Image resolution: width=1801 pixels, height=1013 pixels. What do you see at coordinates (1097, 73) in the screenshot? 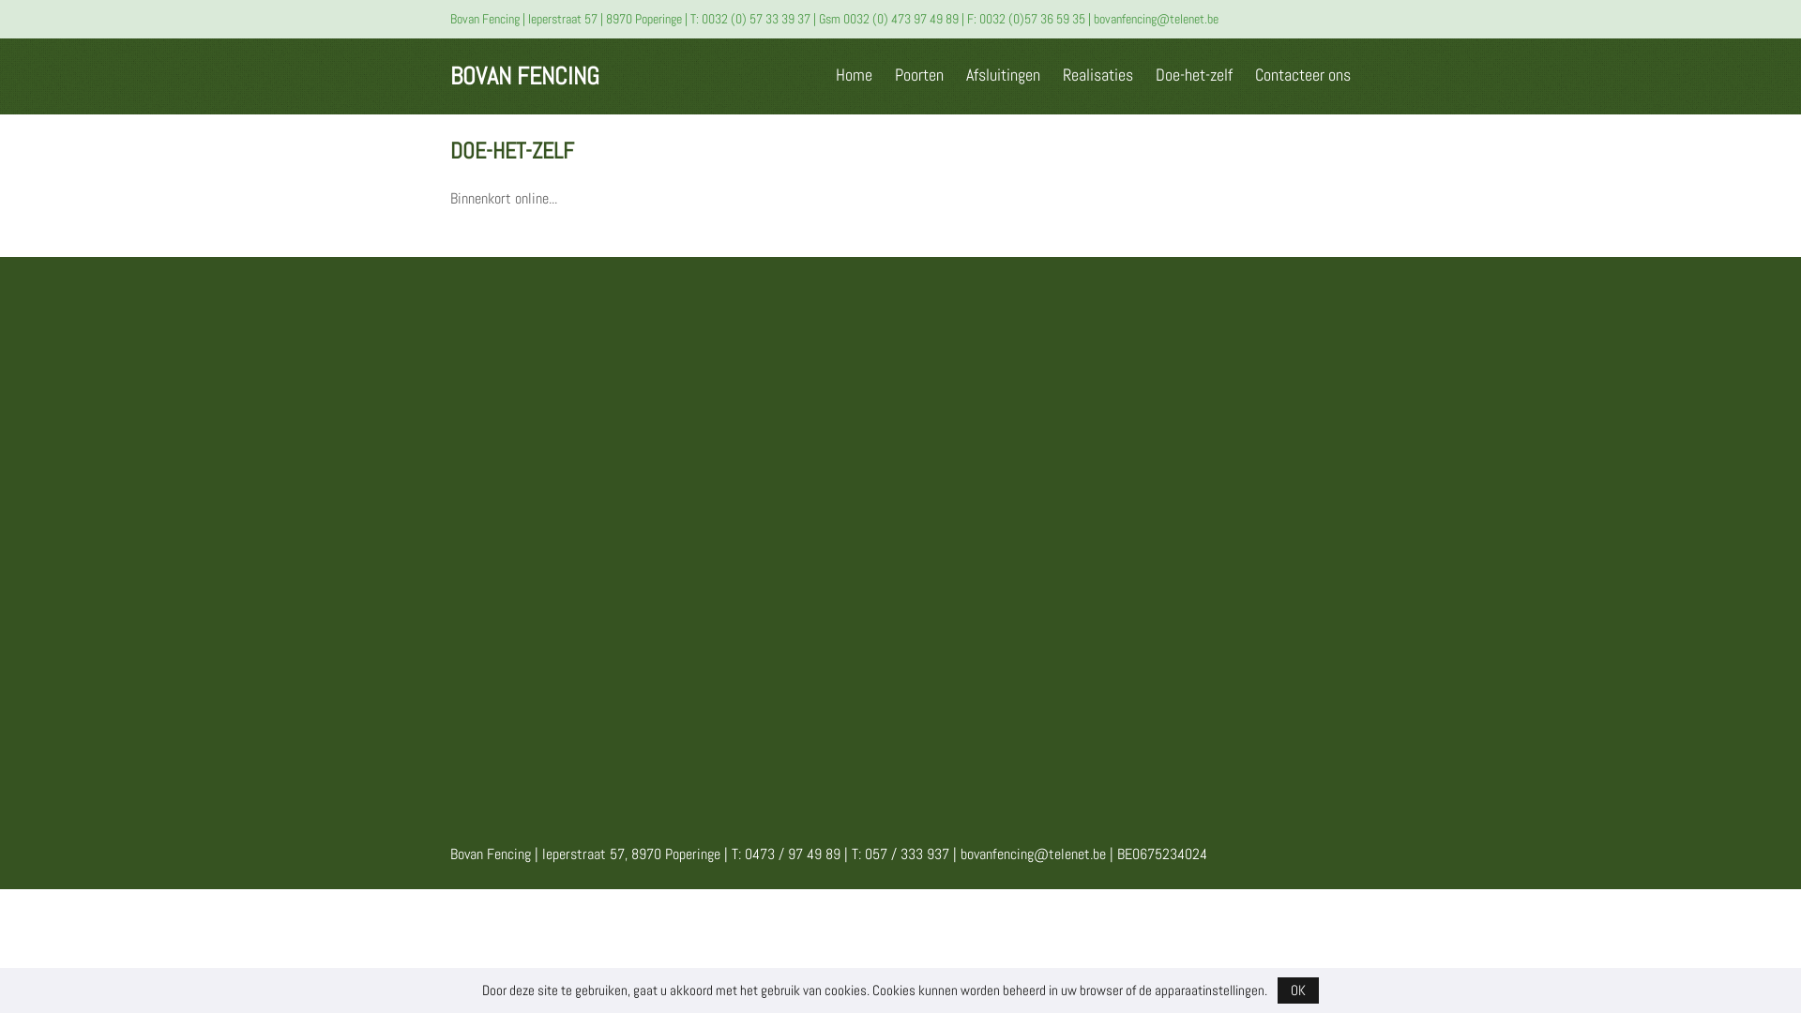
I see `'Realisaties'` at bounding box center [1097, 73].